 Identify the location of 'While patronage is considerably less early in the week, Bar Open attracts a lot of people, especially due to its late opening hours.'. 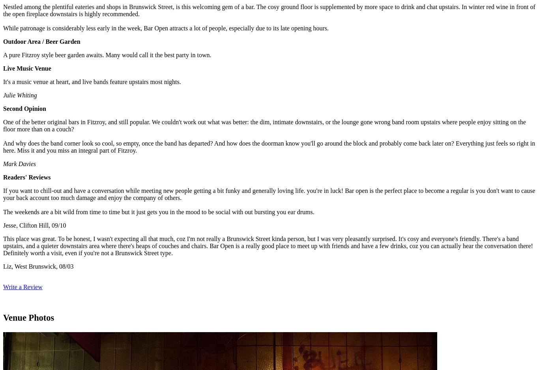
(3, 28).